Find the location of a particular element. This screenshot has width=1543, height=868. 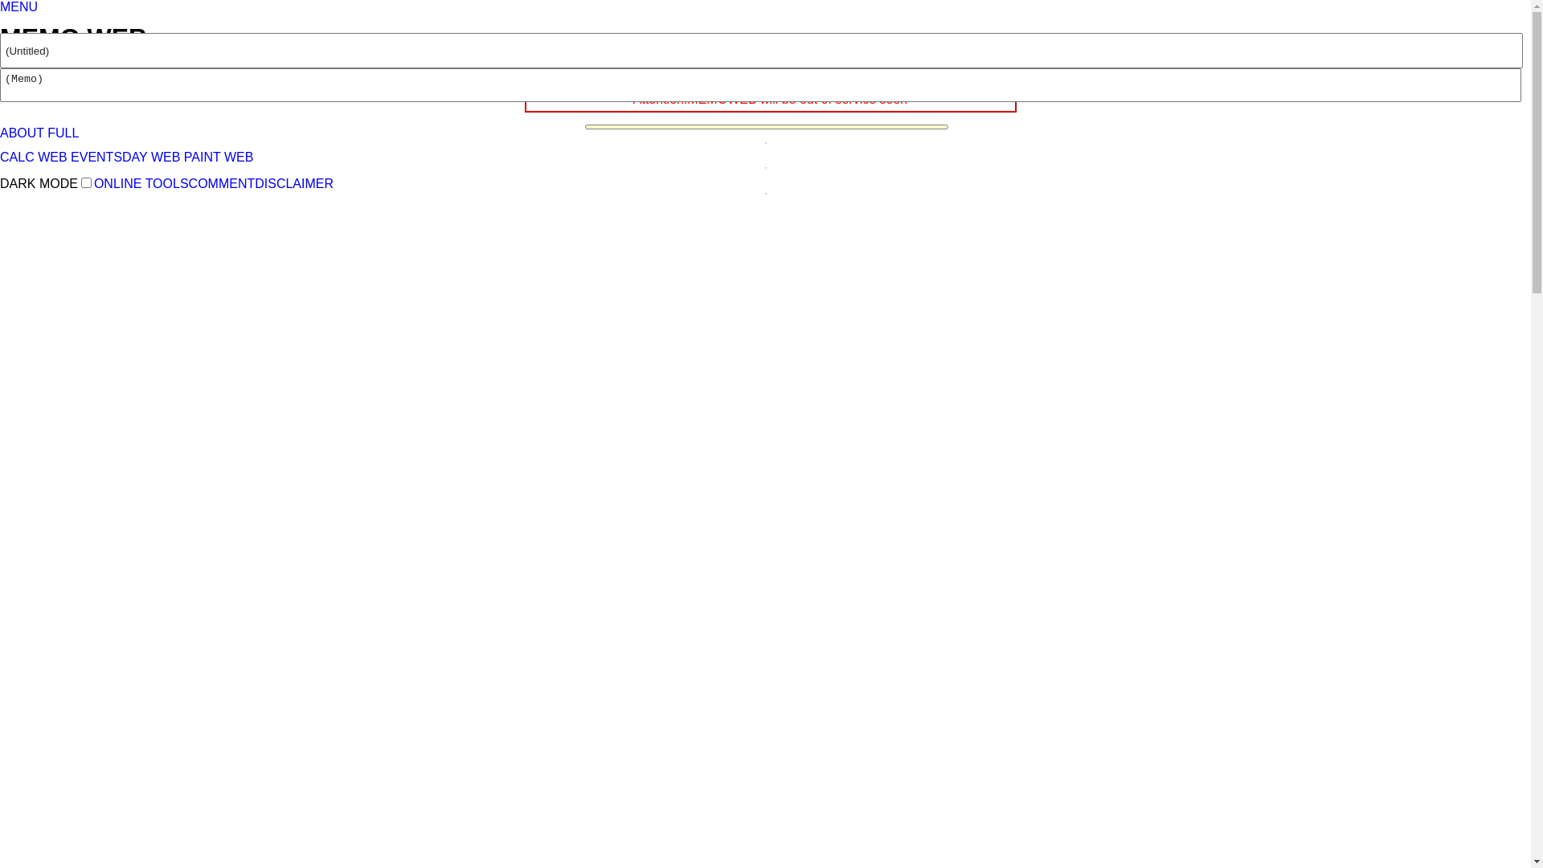

'EVENTSDAY WEB' is located at coordinates (125, 157).